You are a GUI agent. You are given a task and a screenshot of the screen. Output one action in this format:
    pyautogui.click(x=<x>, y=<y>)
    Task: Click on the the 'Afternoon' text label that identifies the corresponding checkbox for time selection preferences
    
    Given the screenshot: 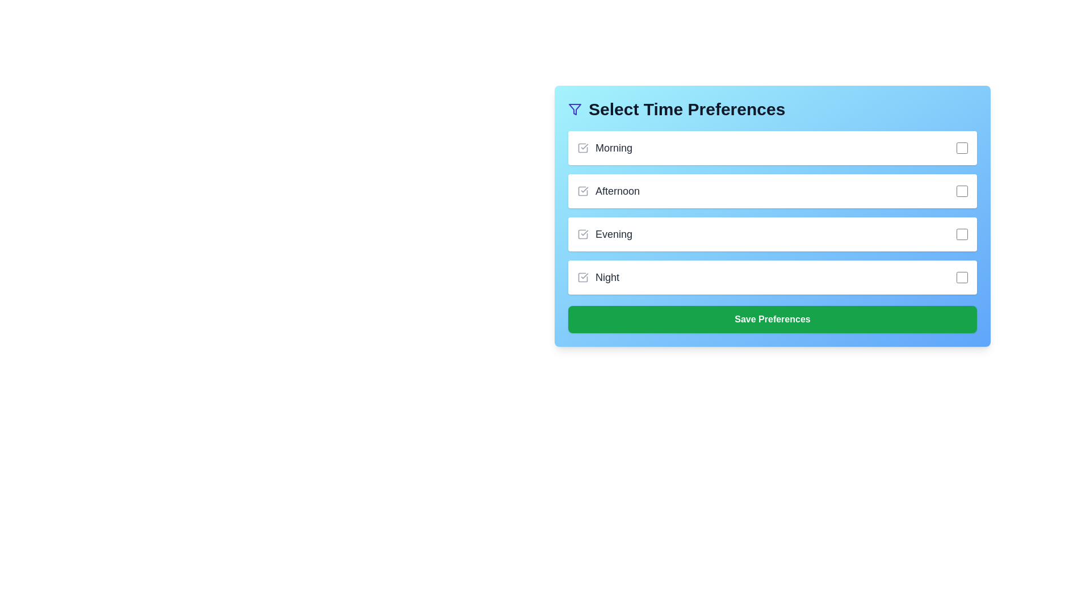 What is the action you would take?
    pyautogui.click(x=617, y=190)
    